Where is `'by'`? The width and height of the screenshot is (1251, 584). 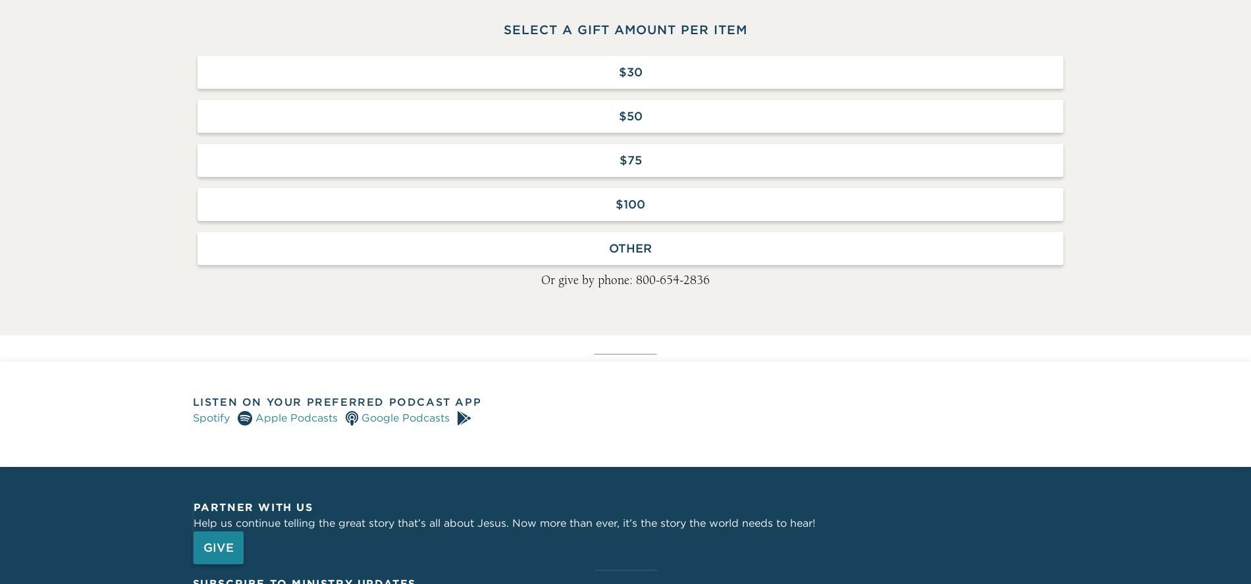
'by' is located at coordinates (699, 307).